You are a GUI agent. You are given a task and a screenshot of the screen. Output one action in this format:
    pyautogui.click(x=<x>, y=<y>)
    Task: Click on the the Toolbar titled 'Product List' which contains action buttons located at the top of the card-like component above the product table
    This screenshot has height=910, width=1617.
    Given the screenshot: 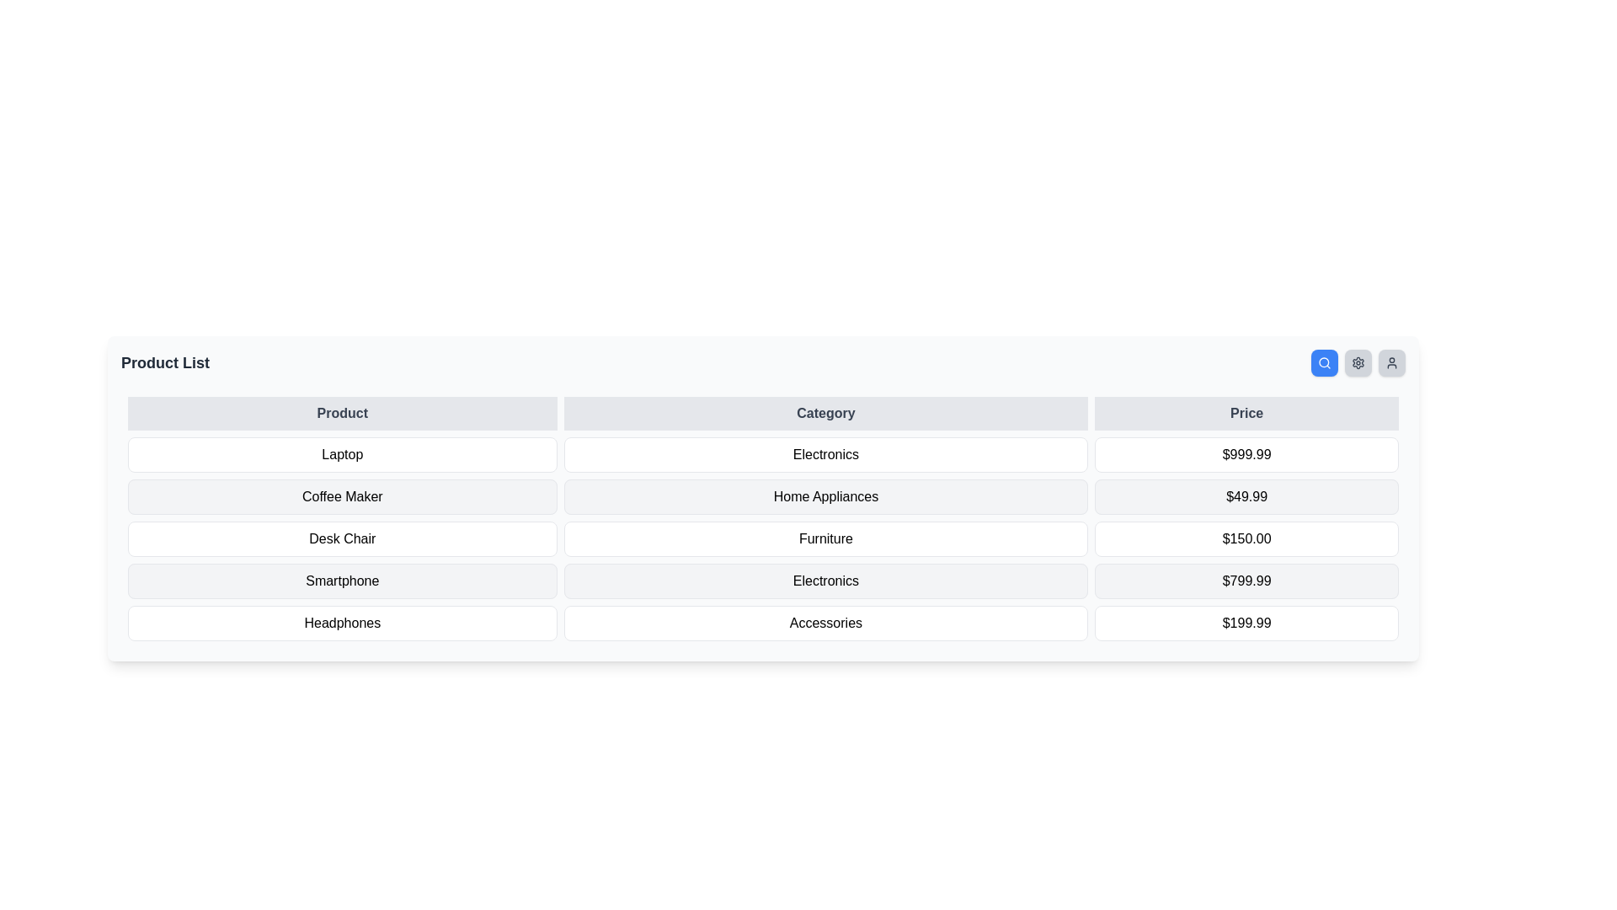 What is the action you would take?
    pyautogui.click(x=762, y=362)
    